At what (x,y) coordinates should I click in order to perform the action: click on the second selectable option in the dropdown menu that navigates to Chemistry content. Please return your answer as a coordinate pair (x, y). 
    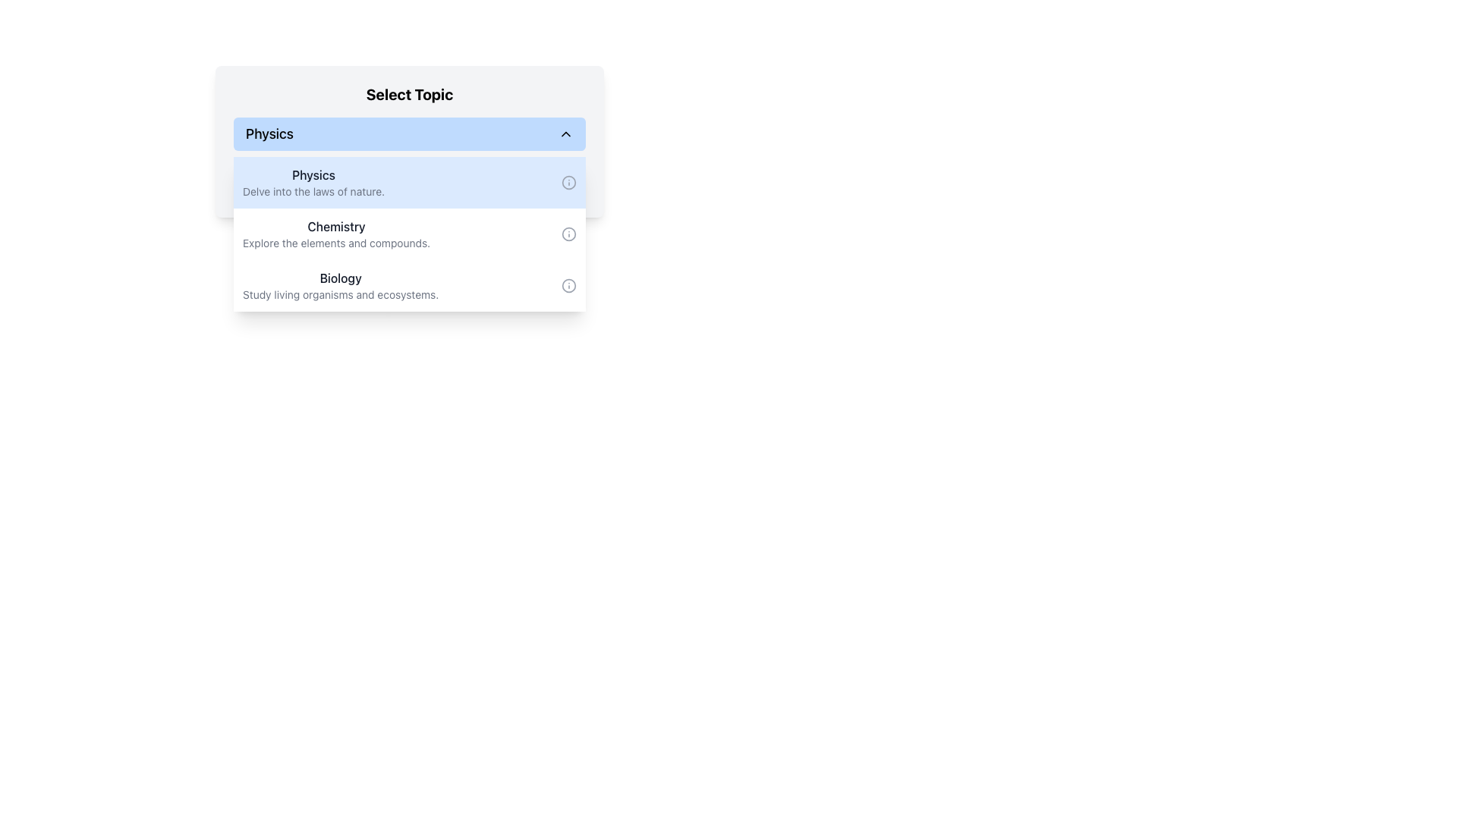
    Looking at the image, I should click on (409, 234).